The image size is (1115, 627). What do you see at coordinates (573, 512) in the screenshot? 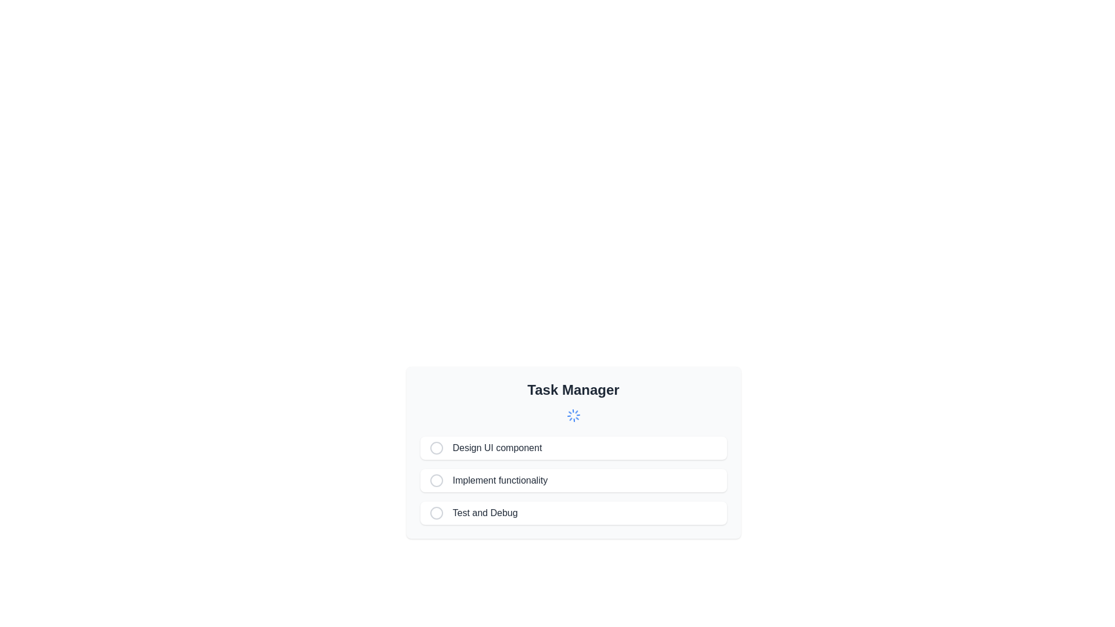
I see `the selectable button, which is the third item in a vertical list of tasks in the task manager panel` at bounding box center [573, 512].